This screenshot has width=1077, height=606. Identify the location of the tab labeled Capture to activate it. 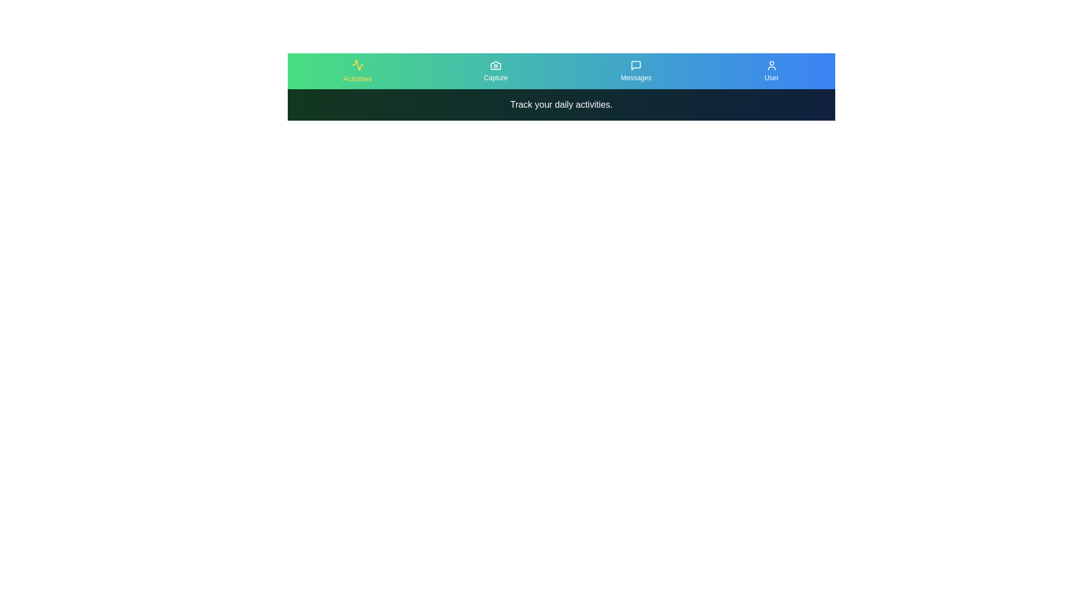
(495, 71).